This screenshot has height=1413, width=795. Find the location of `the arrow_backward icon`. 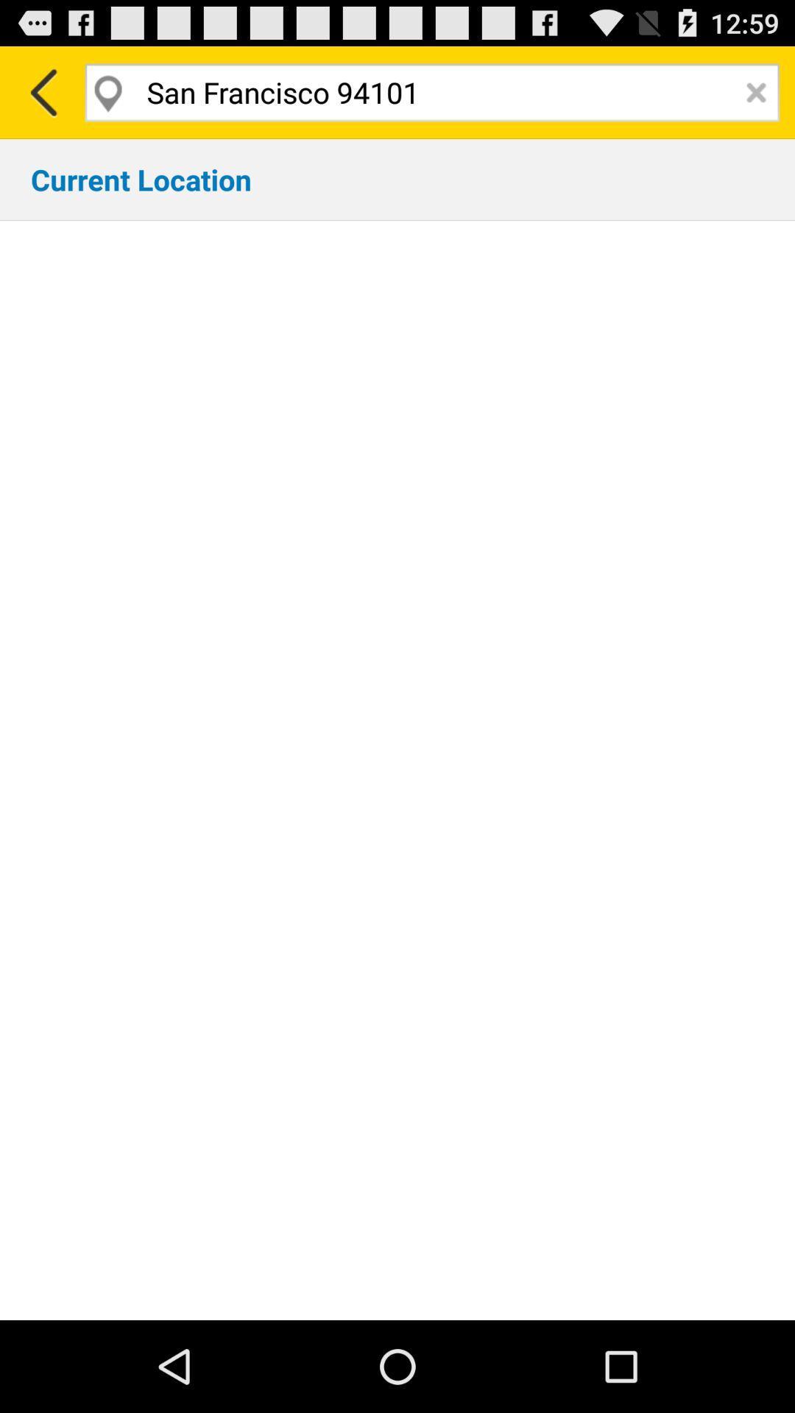

the arrow_backward icon is located at coordinates (41, 98).